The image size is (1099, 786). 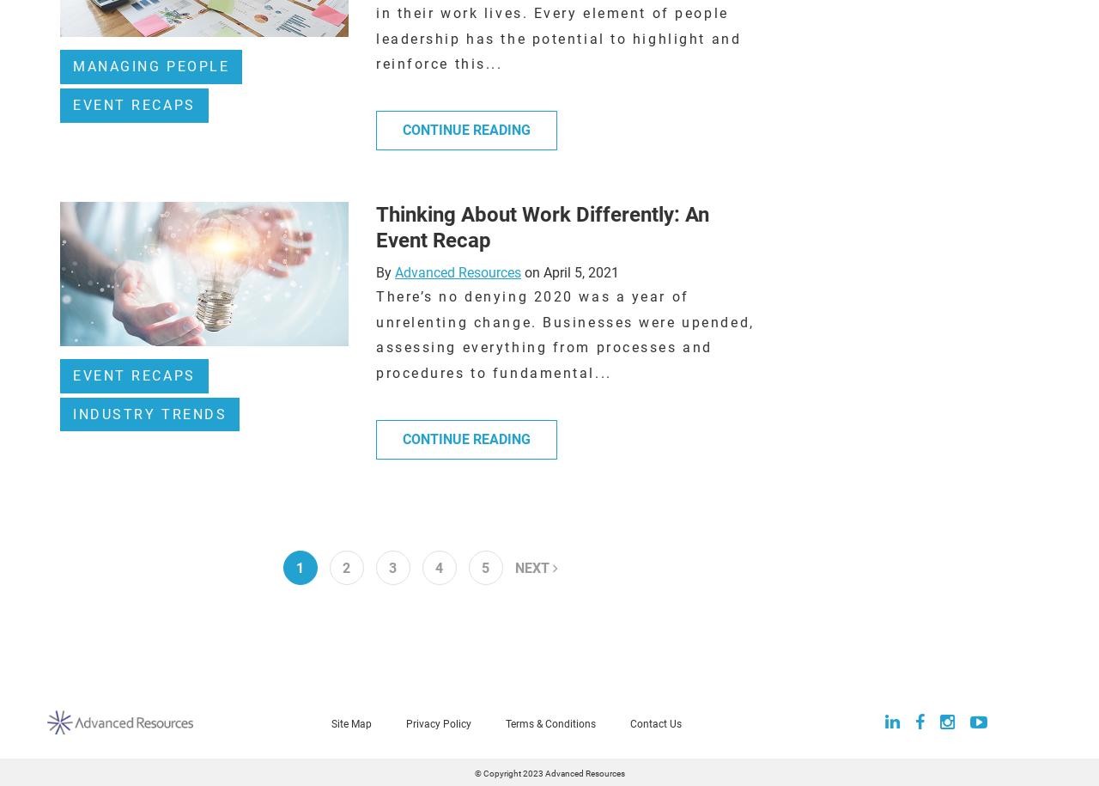 What do you see at coordinates (149, 412) in the screenshot?
I see `'Industry Trends'` at bounding box center [149, 412].